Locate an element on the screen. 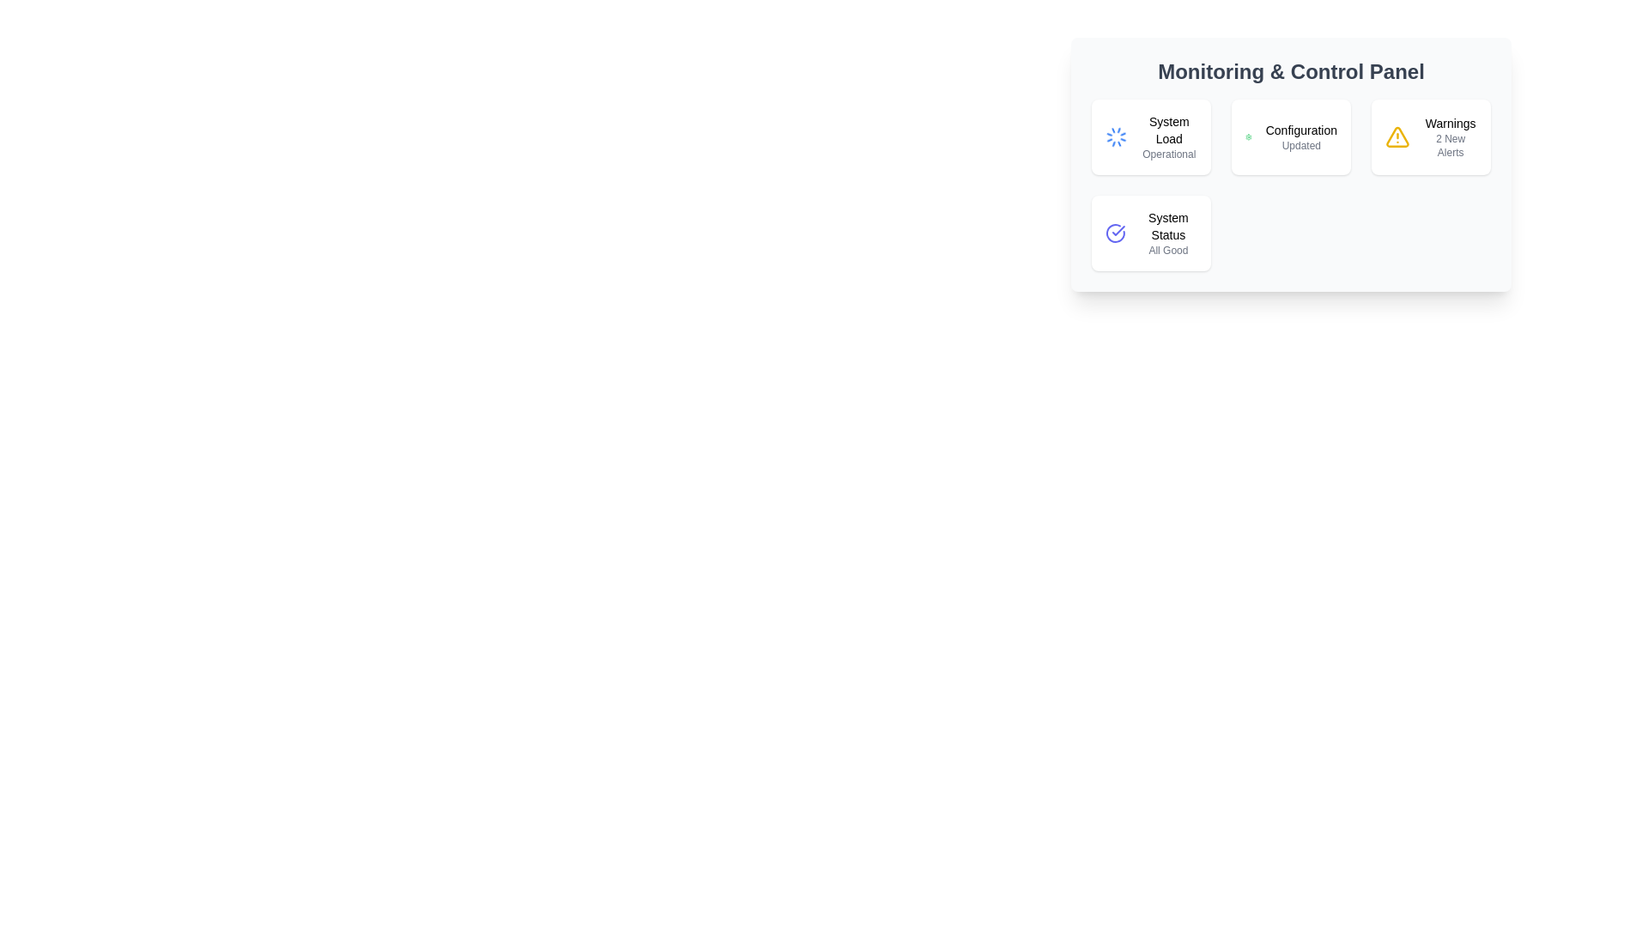 The image size is (1648, 927). the status update on the 'Status Display' element, which shows 'System Status' and 'All Good' in the bottom-left corner of the 'Monitoring & Control Panel' is located at coordinates (1167, 233).